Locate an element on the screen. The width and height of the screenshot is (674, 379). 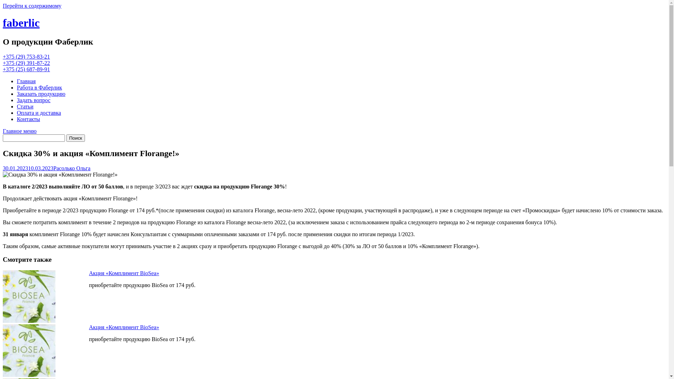
'30.01.202310.03.2023' is located at coordinates (28, 168).